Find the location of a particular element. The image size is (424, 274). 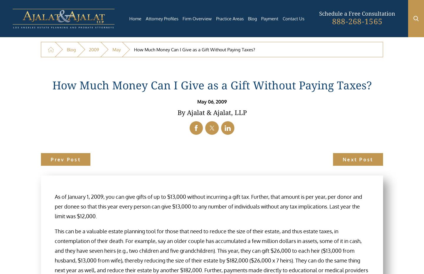

'CA' is located at coordinates (187, 184).